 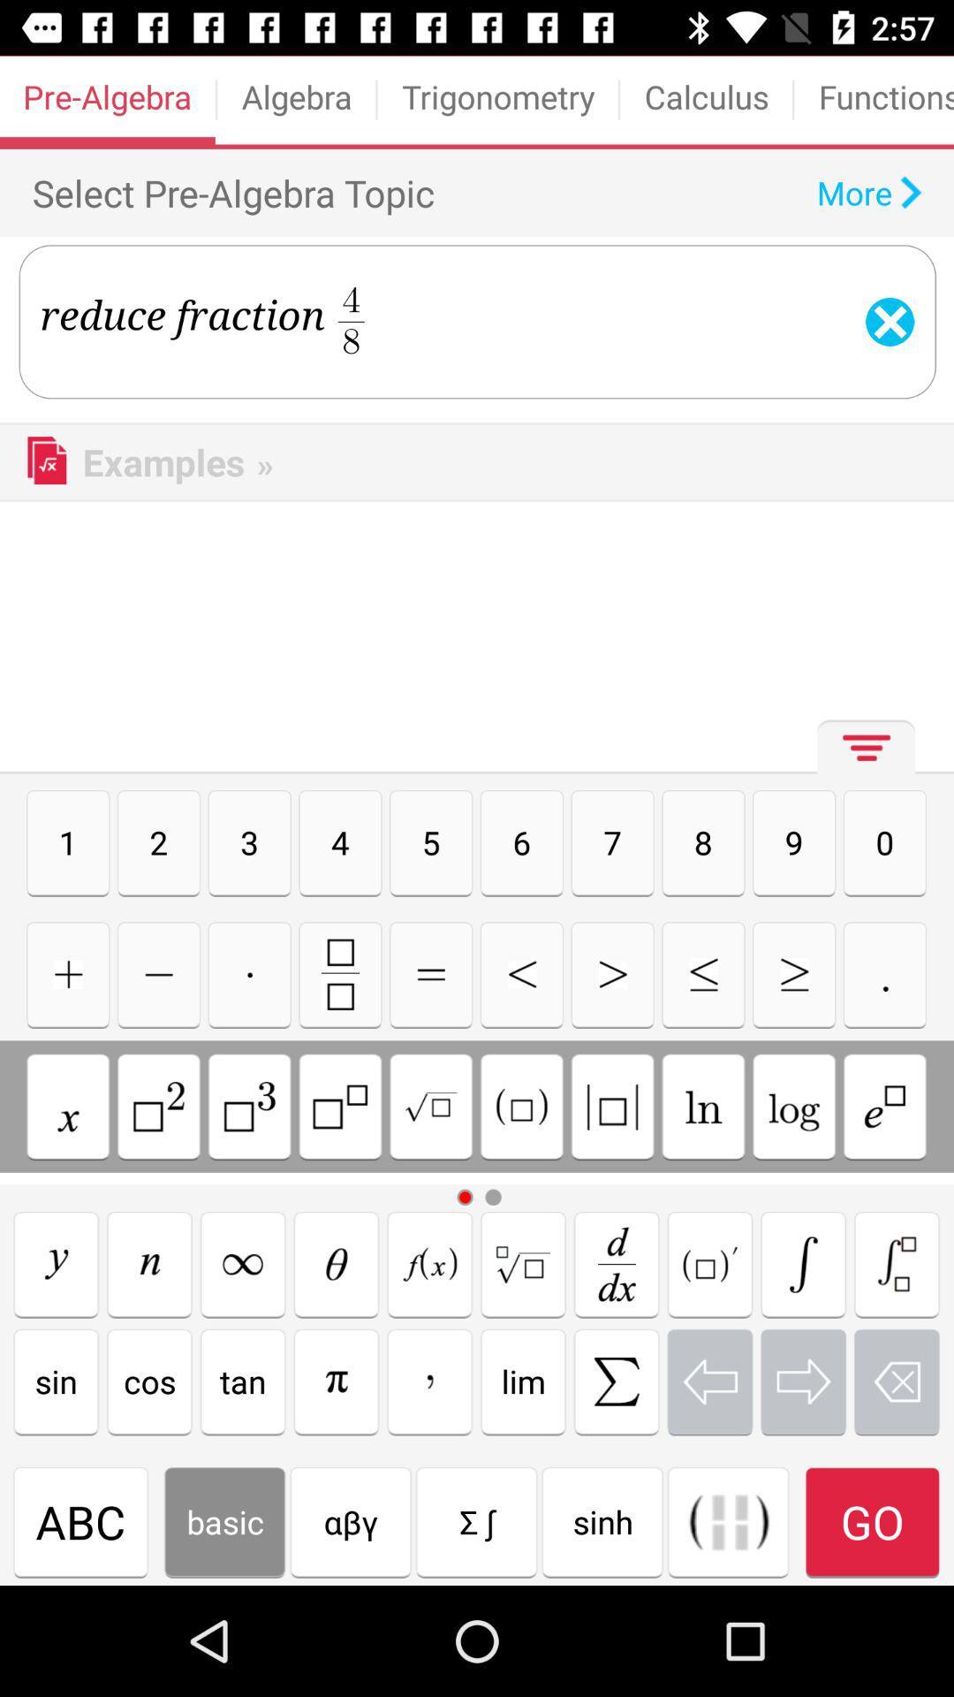 What do you see at coordinates (885, 973) in the screenshot?
I see `point type` at bounding box center [885, 973].